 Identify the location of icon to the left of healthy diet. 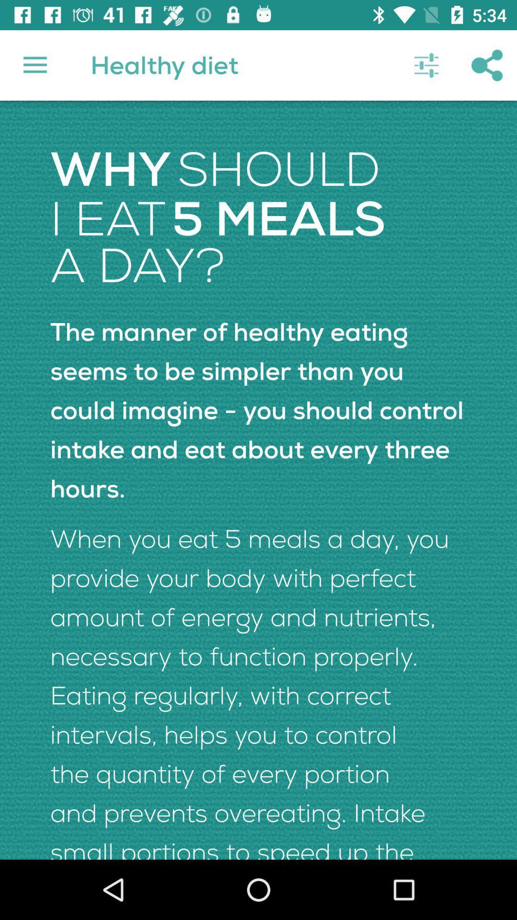
(34, 65).